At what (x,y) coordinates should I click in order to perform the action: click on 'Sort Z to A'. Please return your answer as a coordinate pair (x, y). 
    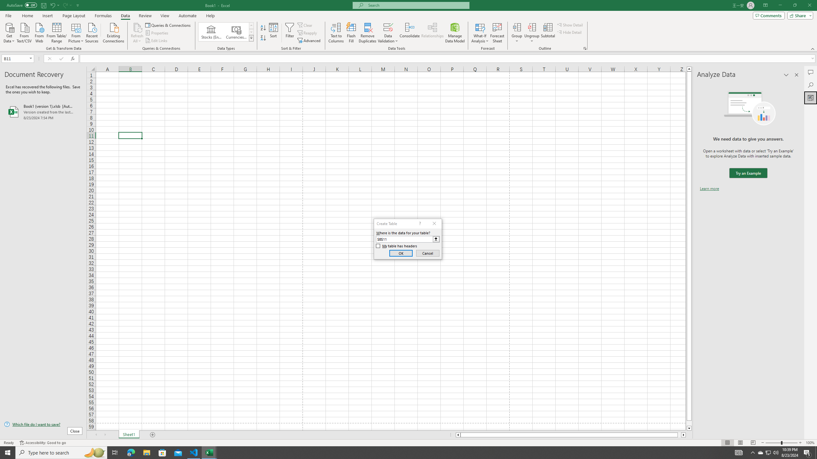
    Looking at the image, I should click on (263, 38).